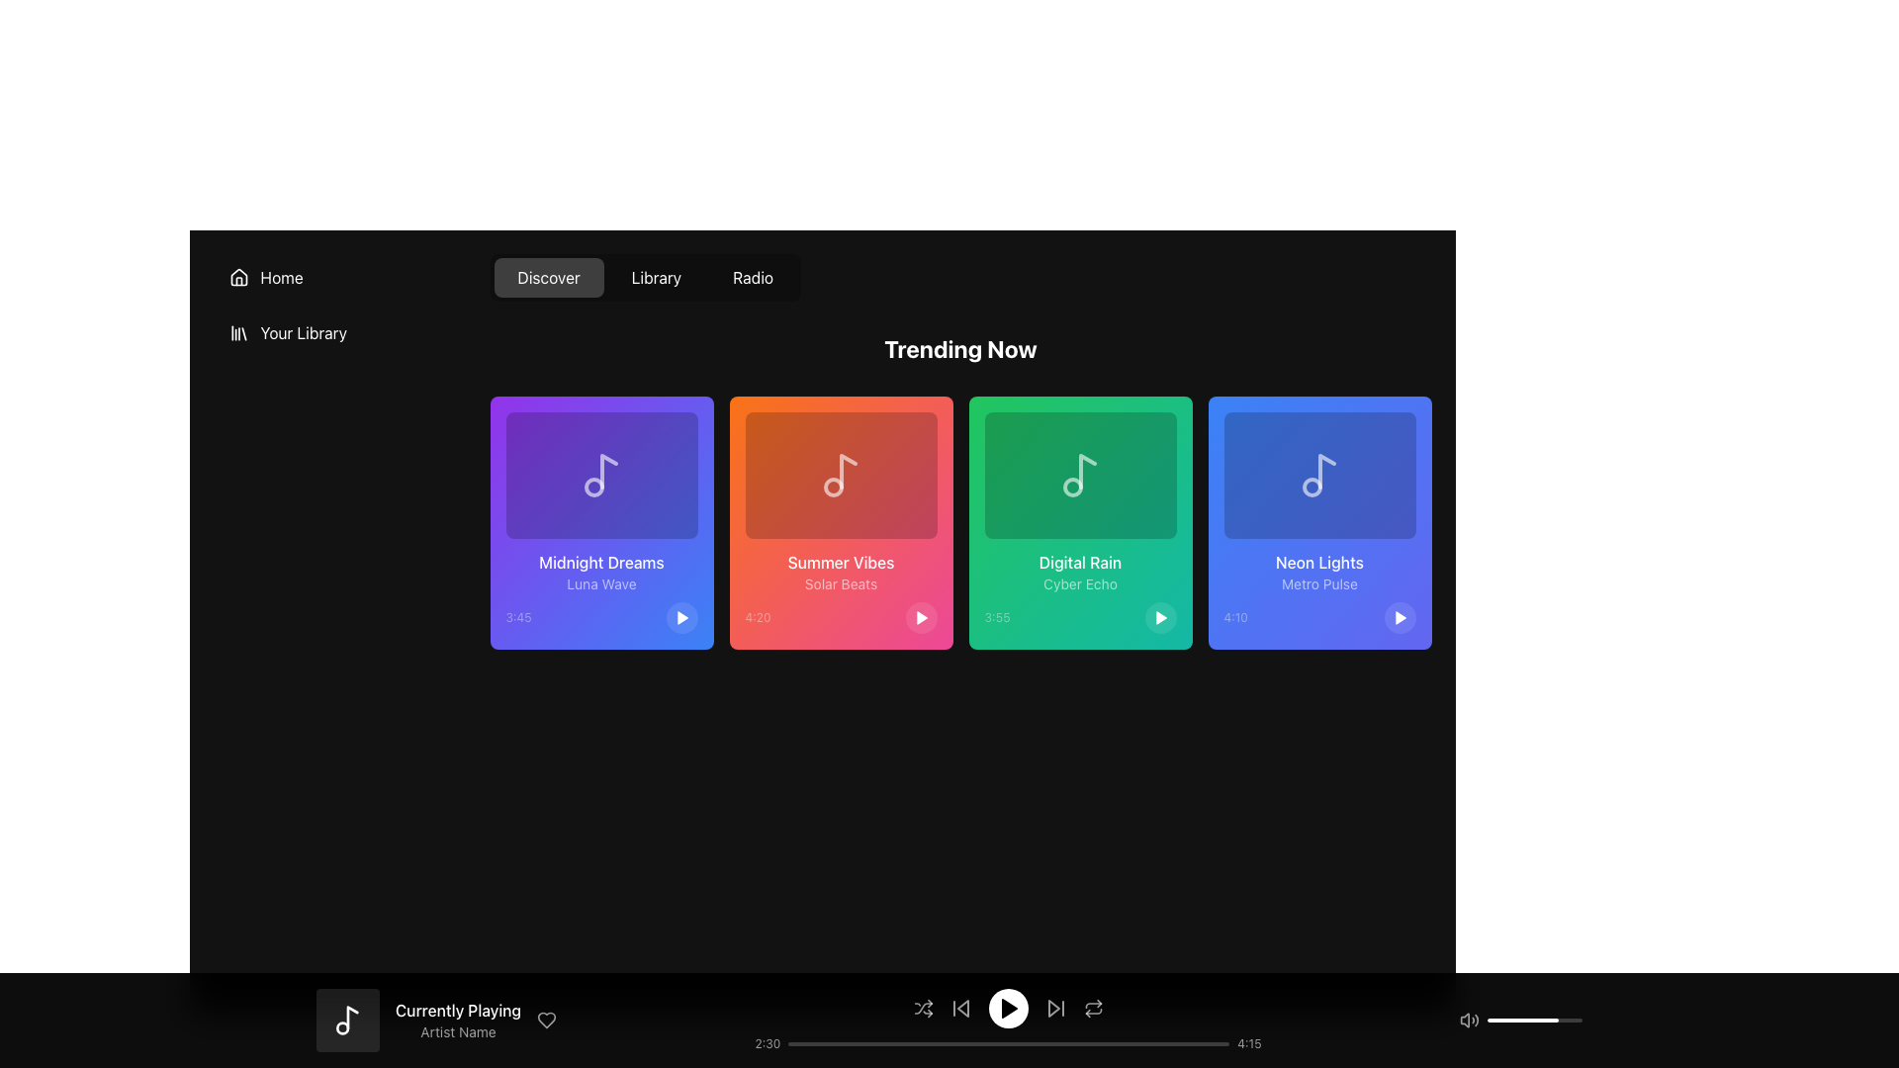  Describe the element at coordinates (681, 616) in the screenshot. I see `the play button located in the bottom-right corner of the 'Midnight Dreams' card in the 'Trending Now' section` at that location.